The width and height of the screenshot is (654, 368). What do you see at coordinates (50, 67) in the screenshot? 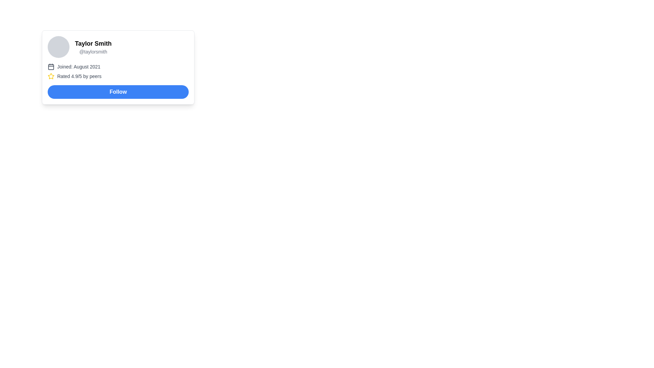
I see `the gray rounded rectangle within the calendar icon, which indicates date-related information and is located to the left of the text 'Joined: August 2021'` at bounding box center [50, 67].